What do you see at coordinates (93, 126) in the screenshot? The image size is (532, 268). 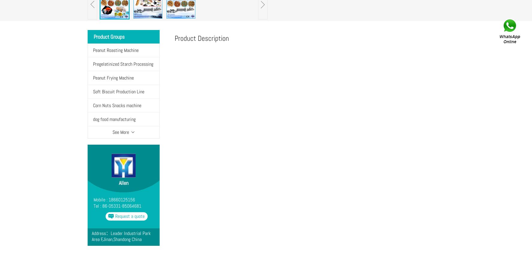 I see `'dog food manufacturing equipment'` at bounding box center [93, 126].